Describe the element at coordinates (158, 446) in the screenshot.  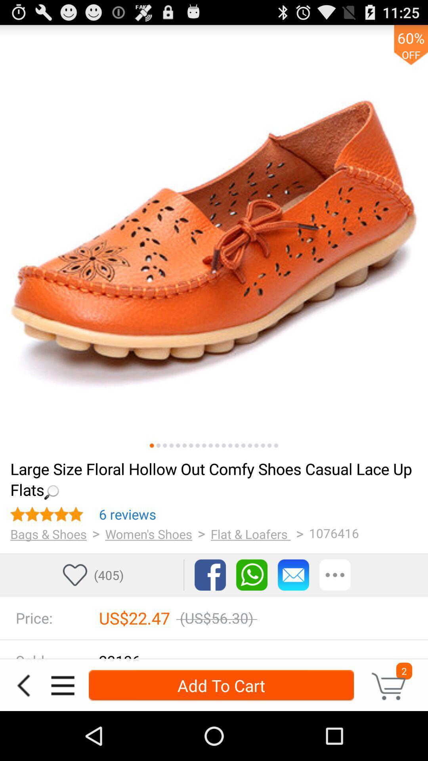
I see `second sample image` at that location.